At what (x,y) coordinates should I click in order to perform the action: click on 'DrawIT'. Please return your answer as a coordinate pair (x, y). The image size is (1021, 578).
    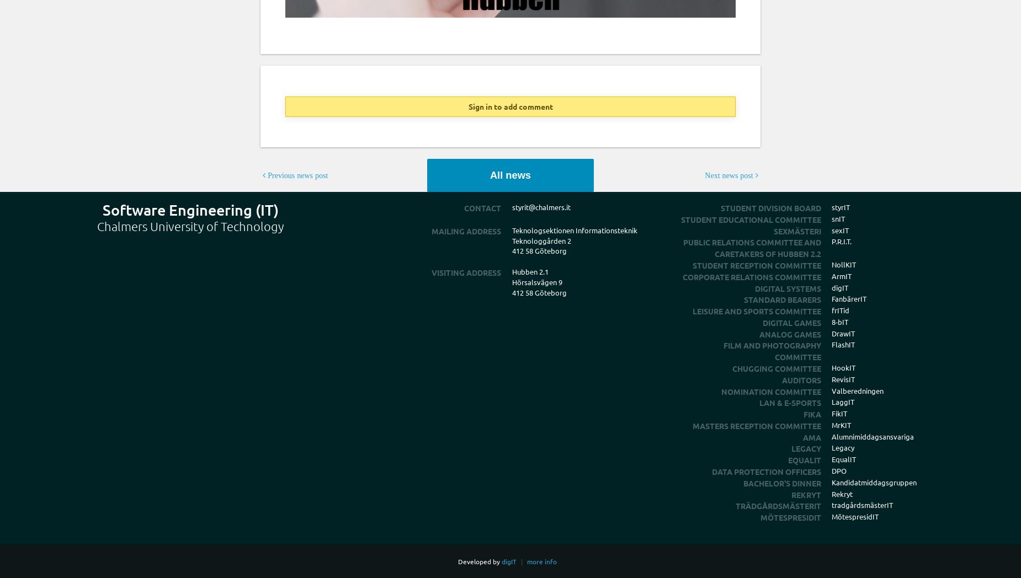
    Looking at the image, I should click on (843, 333).